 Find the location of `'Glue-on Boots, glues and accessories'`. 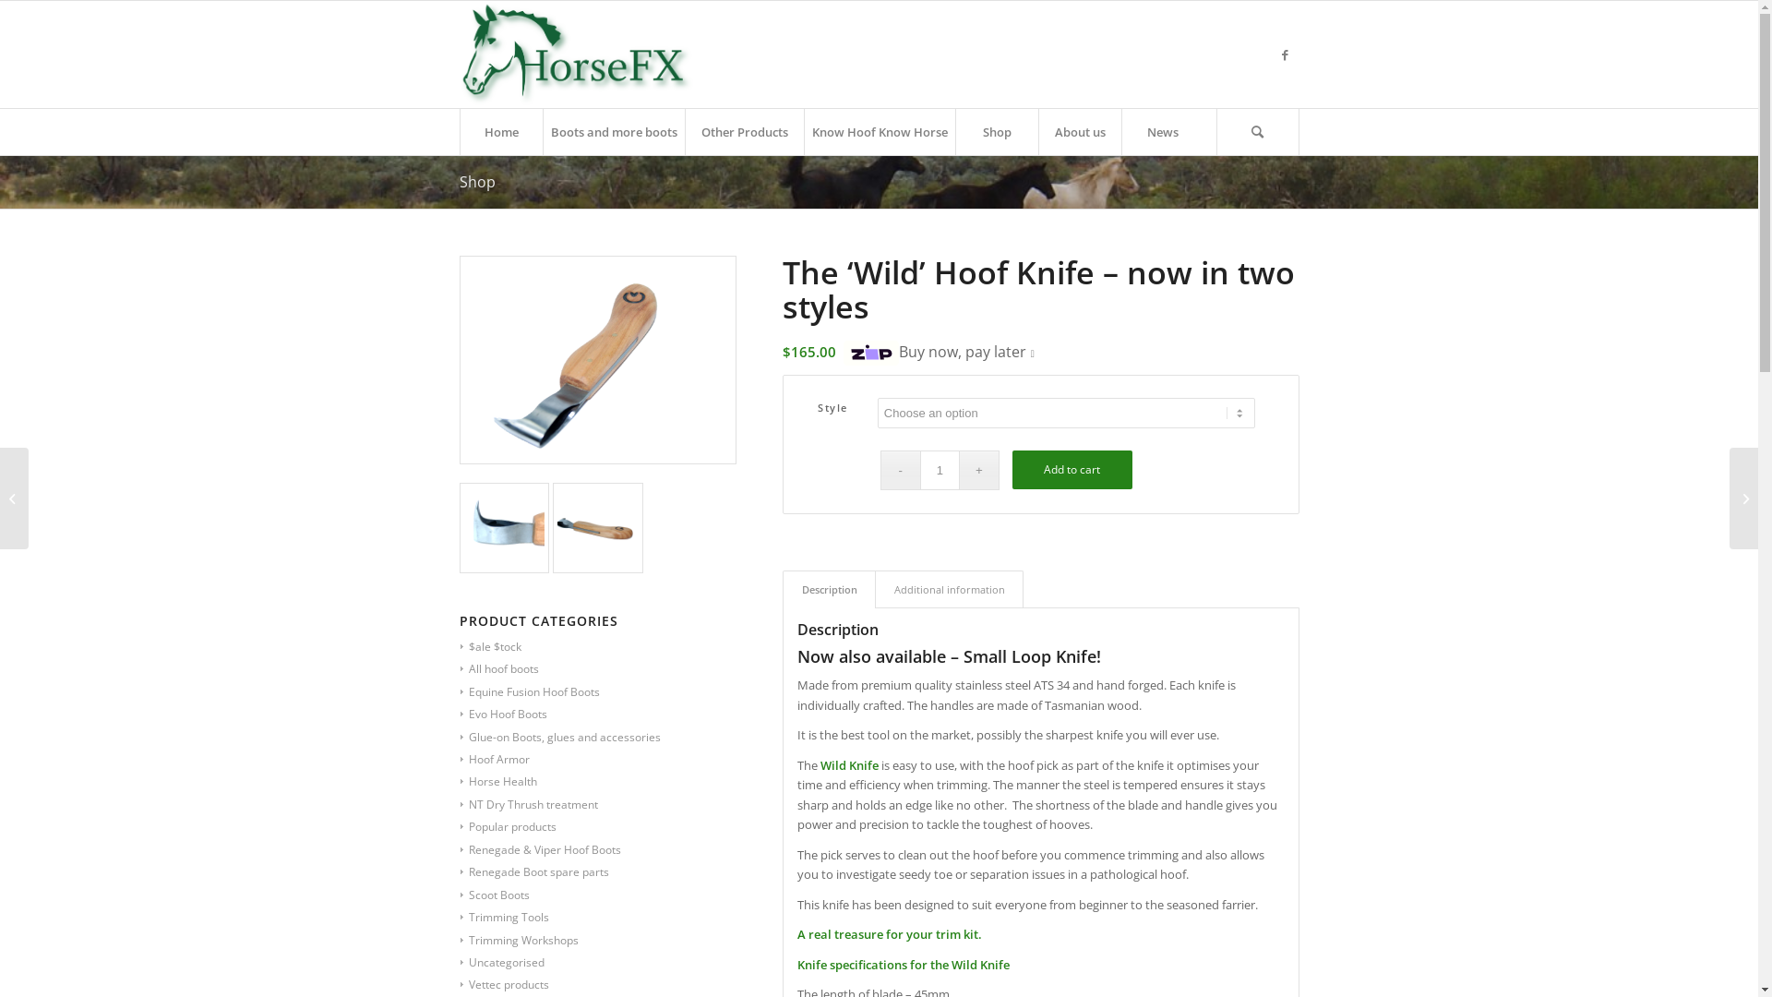

'Glue-on Boots, glues and accessories' is located at coordinates (558, 736).